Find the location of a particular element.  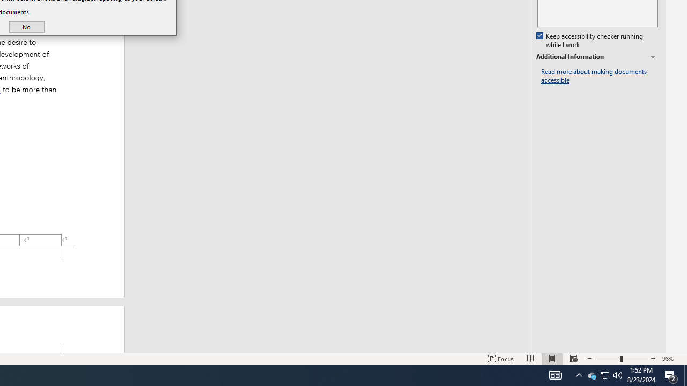

'Q2790: 100%' is located at coordinates (618, 374).